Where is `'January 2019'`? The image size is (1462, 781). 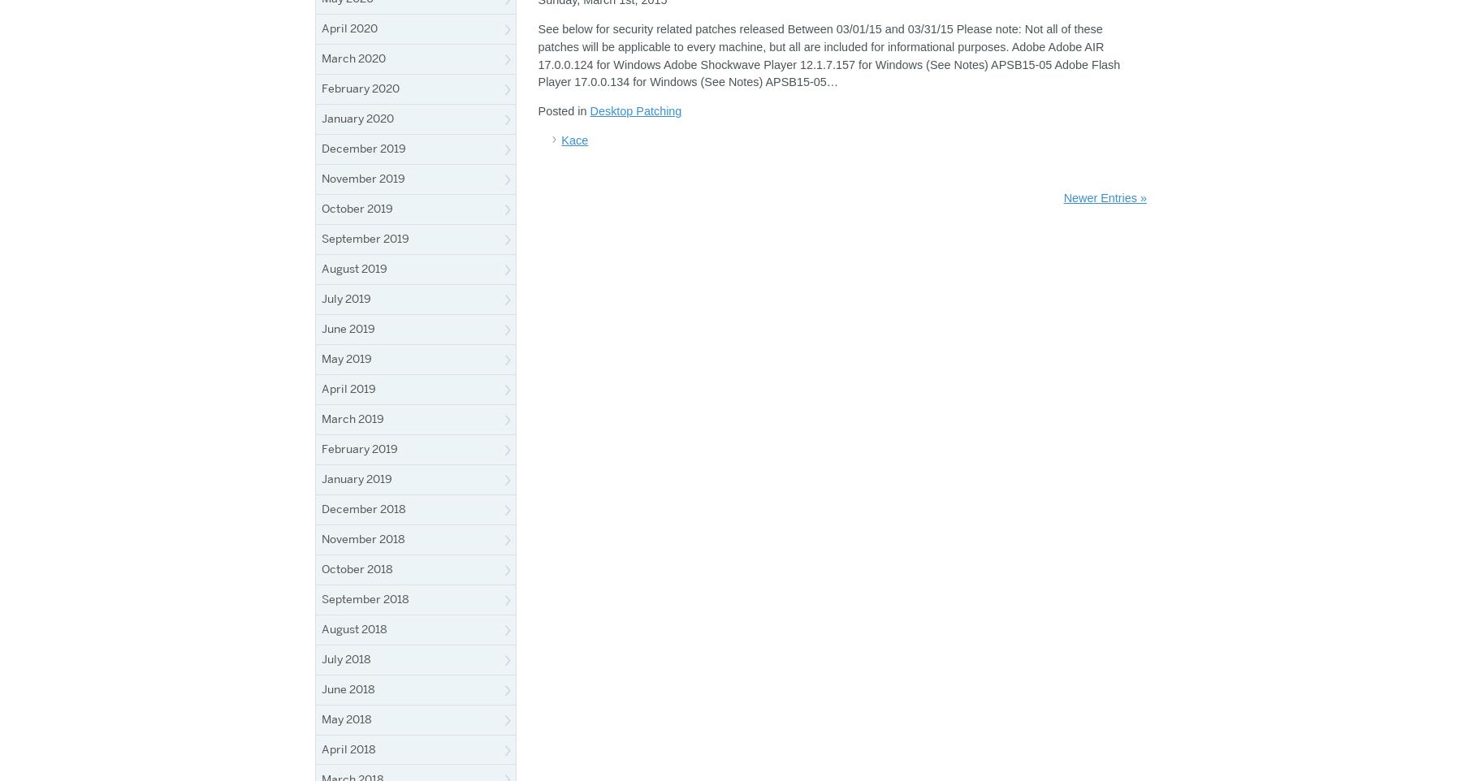
'January 2019' is located at coordinates (357, 477).